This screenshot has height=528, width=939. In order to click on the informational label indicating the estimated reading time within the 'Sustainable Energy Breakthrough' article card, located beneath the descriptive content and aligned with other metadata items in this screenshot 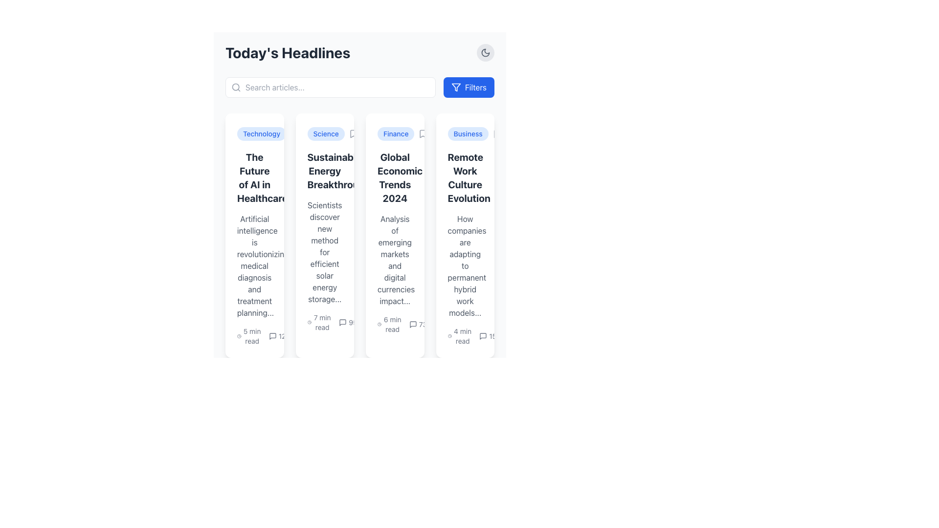, I will do `click(325, 322)`.